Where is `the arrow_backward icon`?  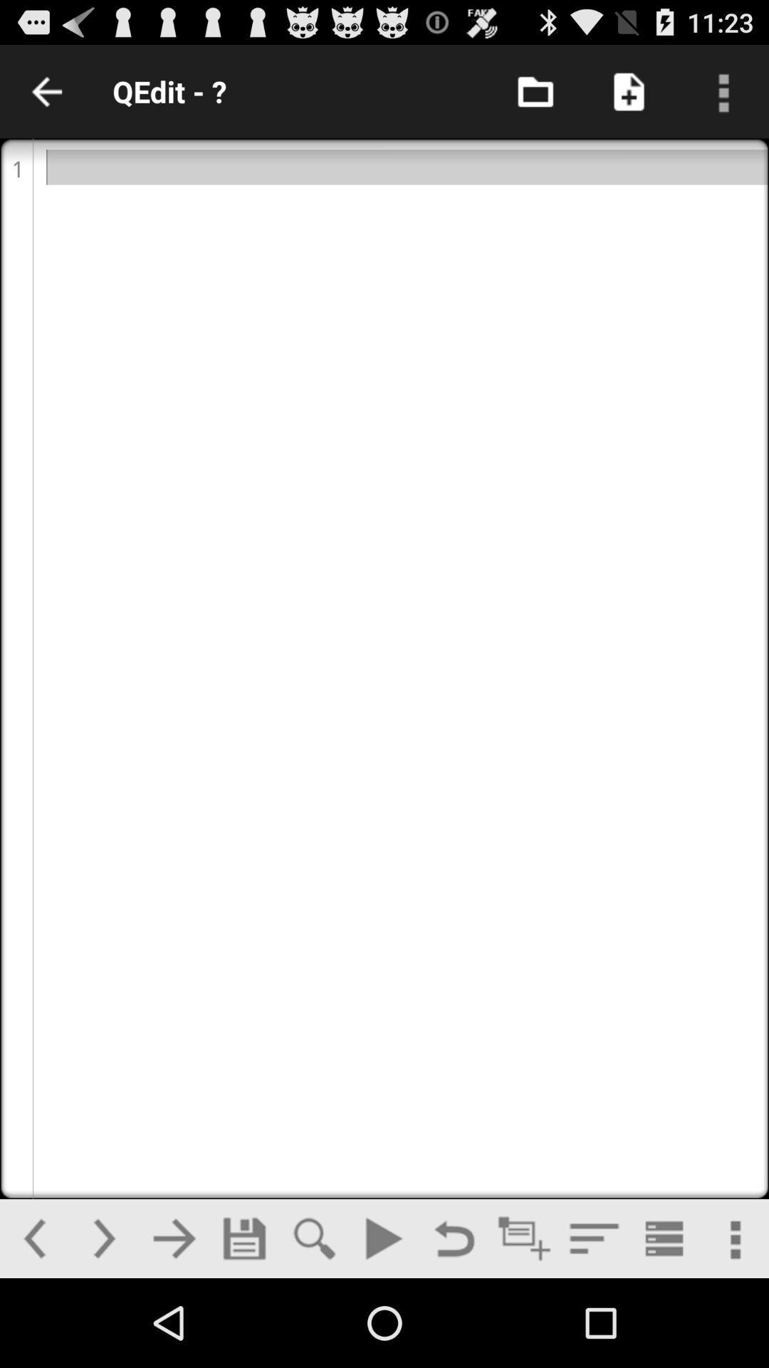
the arrow_backward icon is located at coordinates (33, 1325).